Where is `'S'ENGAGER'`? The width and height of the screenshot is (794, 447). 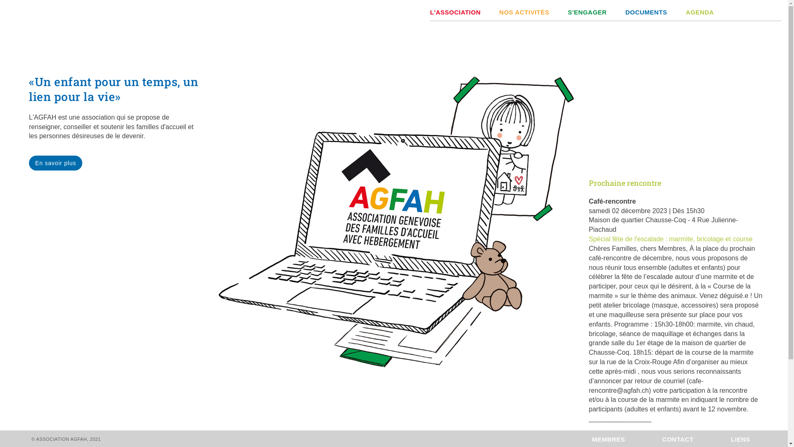
'S'ENGAGER' is located at coordinates (577, 10).